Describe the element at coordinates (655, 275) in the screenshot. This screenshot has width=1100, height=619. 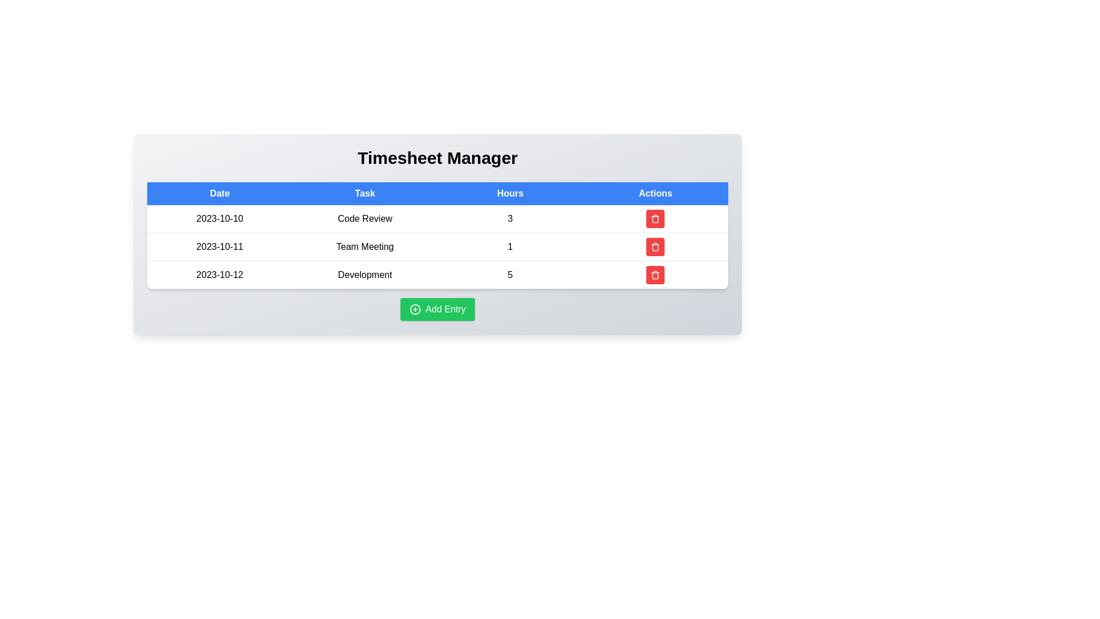
I see `the small red rounded button with a white trash can icon in the 'Actions' column of the '2023-10-12 Development' entry to trigger the hover effect` at that location.